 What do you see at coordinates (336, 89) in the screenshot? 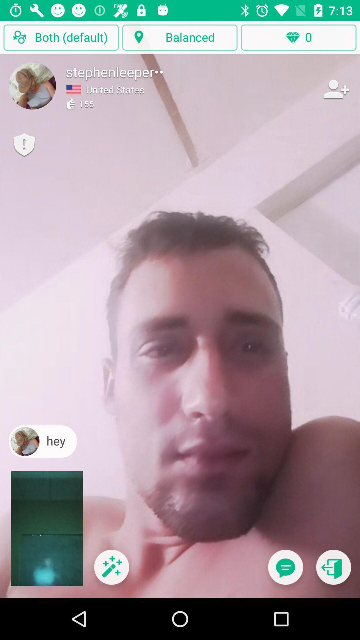
I see `to friendlist` at bounding box center [336, 89].